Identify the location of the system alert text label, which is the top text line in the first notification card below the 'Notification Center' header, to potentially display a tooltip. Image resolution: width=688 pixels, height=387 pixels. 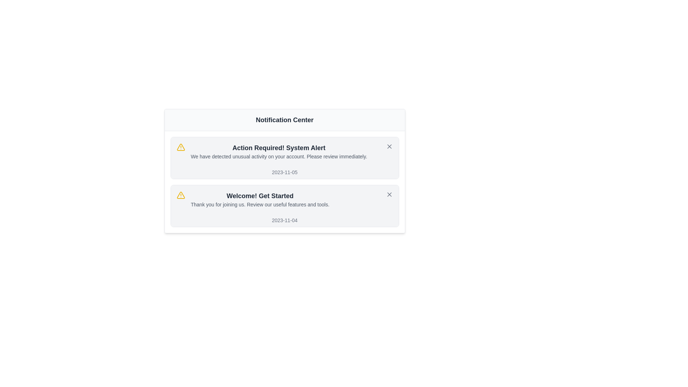
(278, 147).